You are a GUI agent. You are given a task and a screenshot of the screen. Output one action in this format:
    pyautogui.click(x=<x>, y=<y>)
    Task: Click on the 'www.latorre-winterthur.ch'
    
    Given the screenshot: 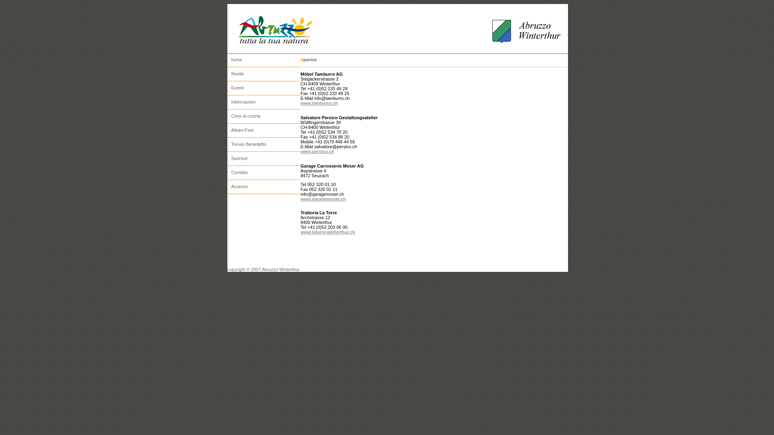 What is the action you would take?
    pyautogui.click(x=328, y=232)
    